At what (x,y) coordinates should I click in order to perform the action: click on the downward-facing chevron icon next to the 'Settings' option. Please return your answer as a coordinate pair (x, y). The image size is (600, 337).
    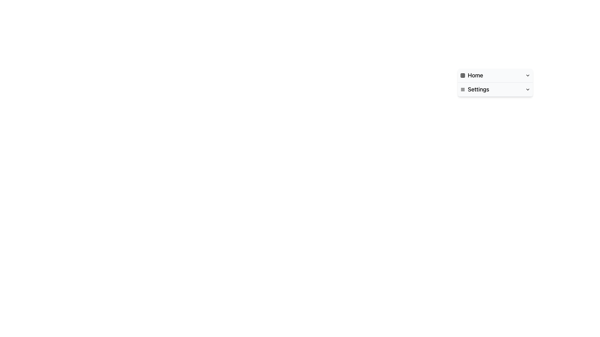
    Looking at the image, I should click on (527, 89).